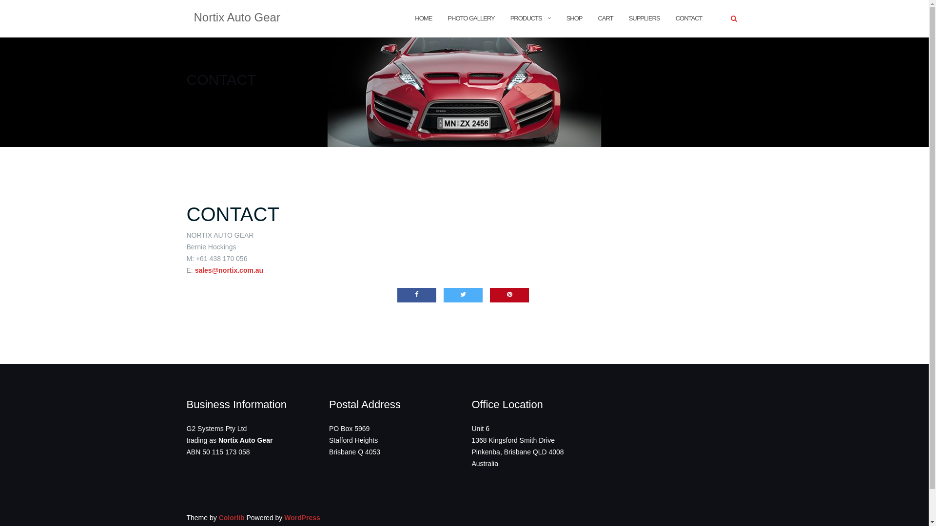 Image resolution: width=936 pixels, height=526 pixels. What do you see at coordinates (574, 18) in the screenshot?
I see `'SHOP'` at bounding box center [574, 18].